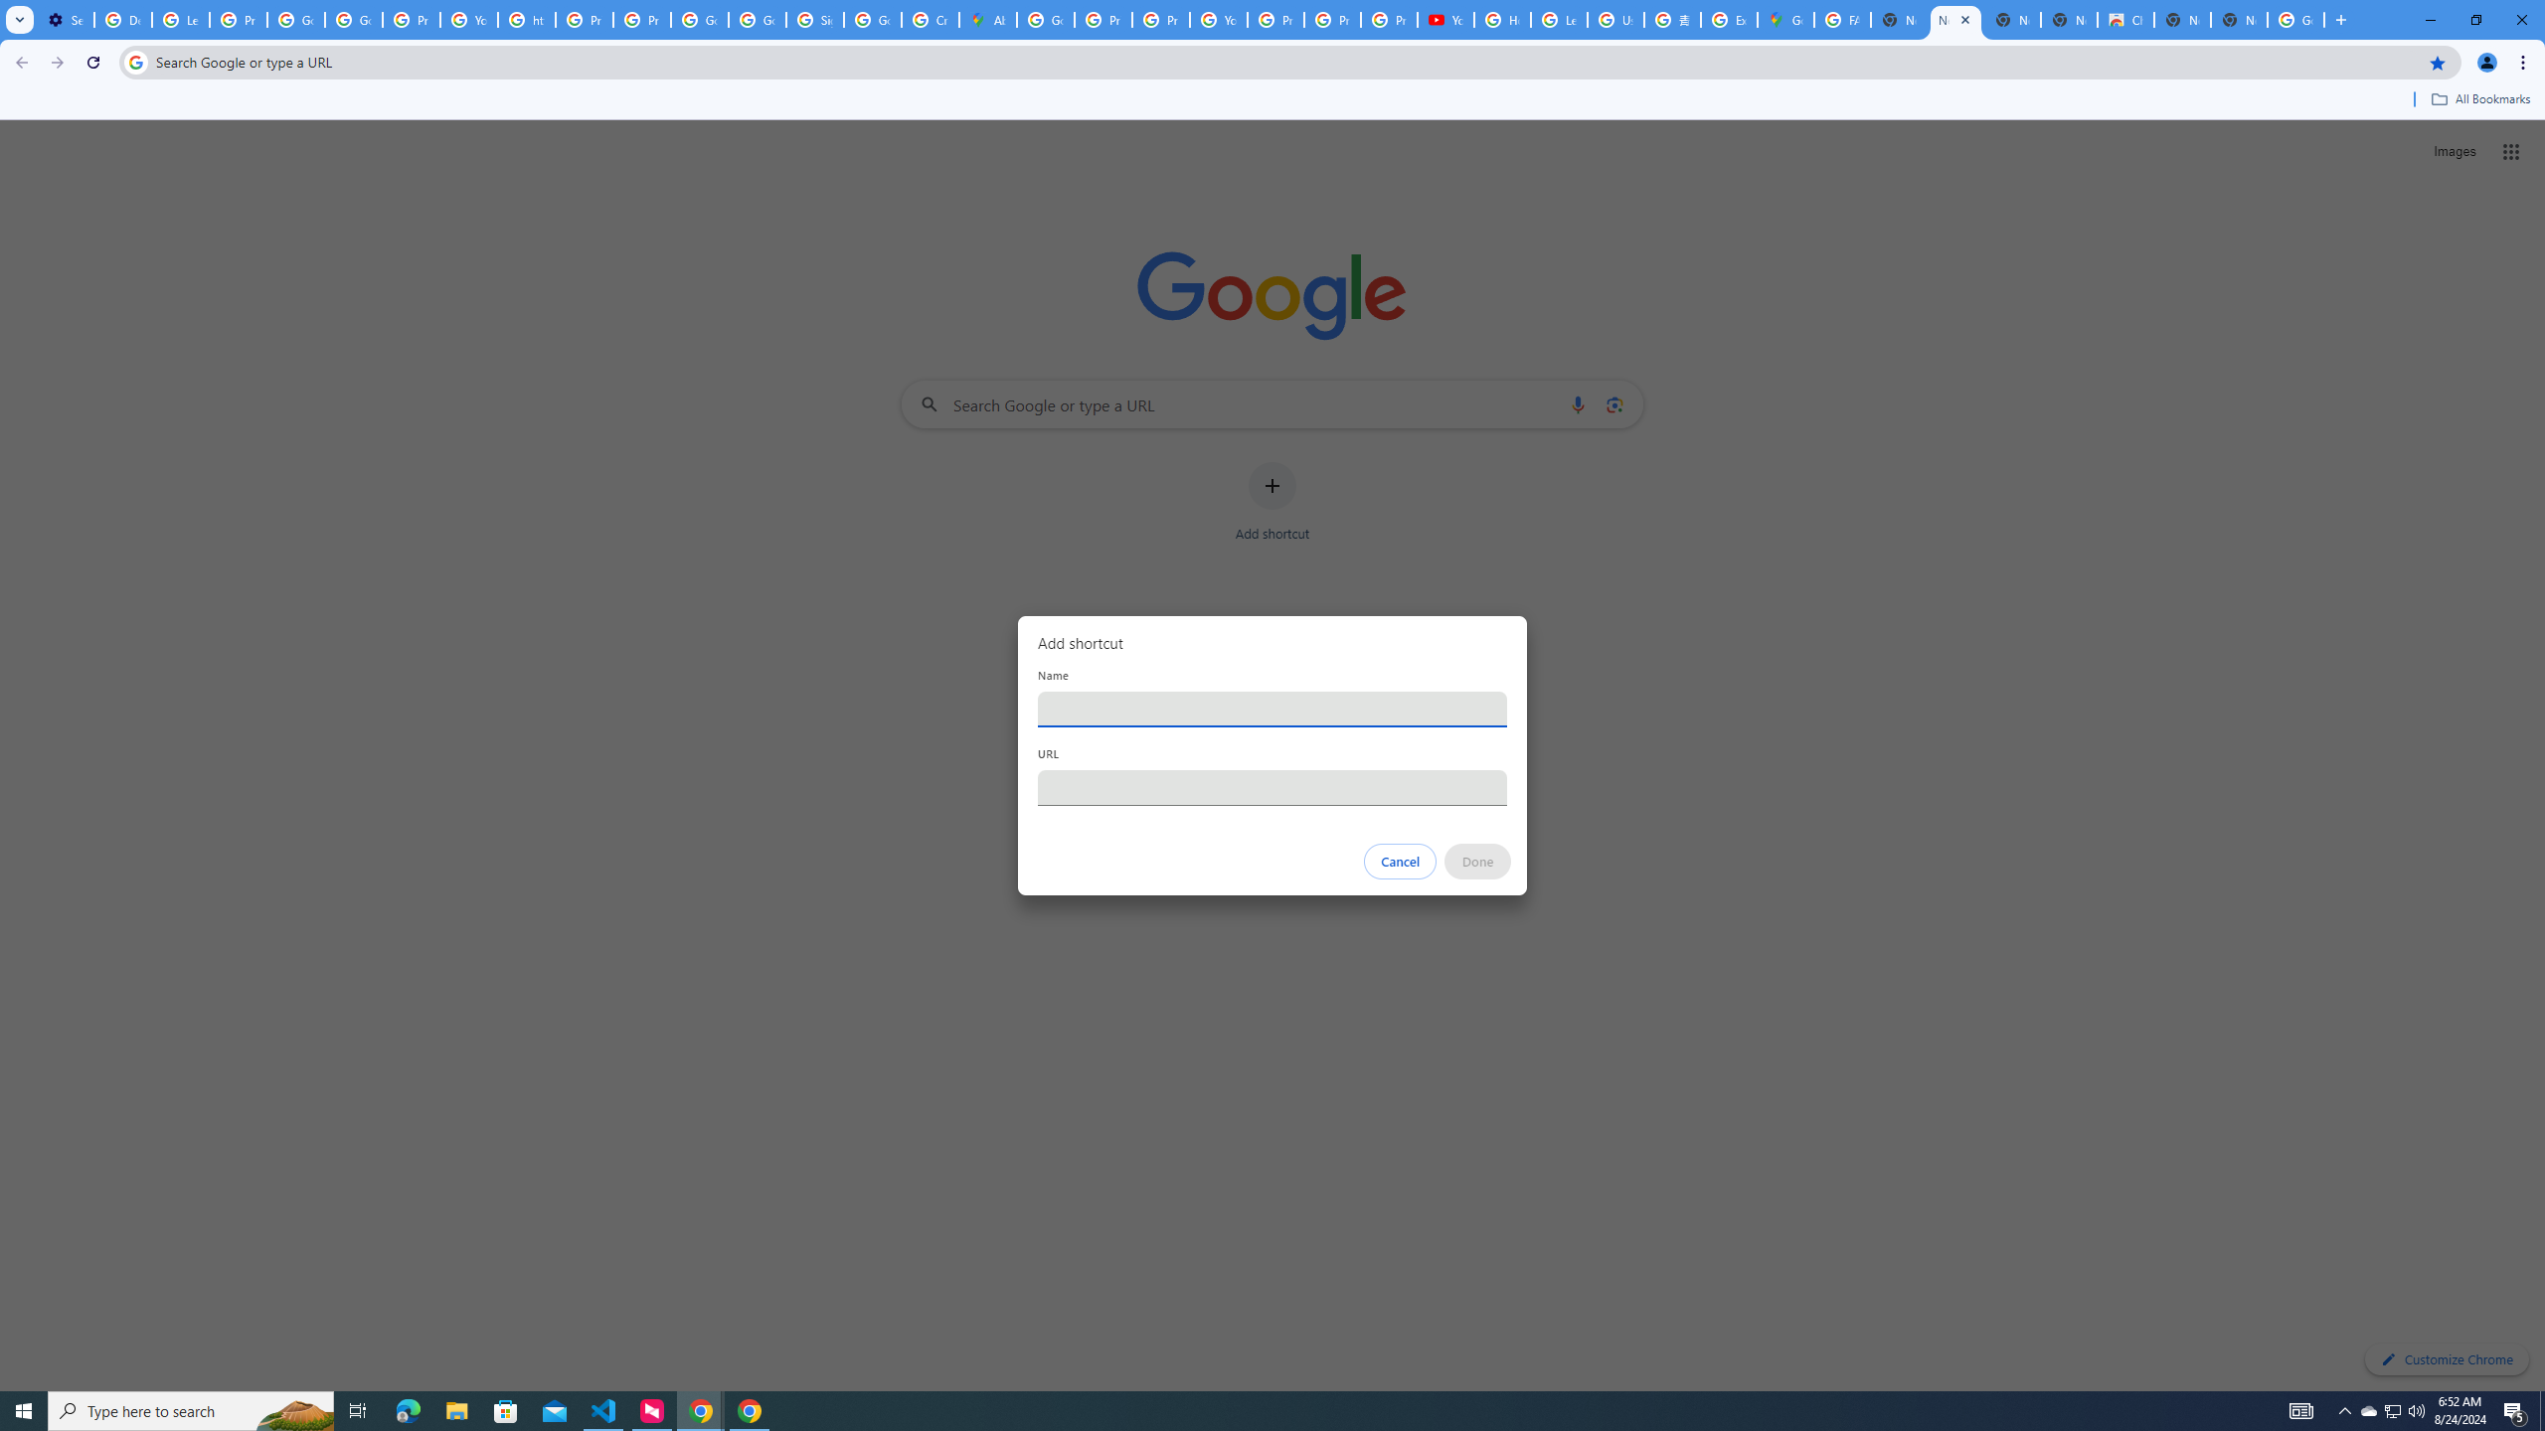 This screenshot has height=1431, width=2545. Describe the element at coordinates (1502, 19) in the screenshot. I see `'How Chrome protects your passwords - Google Chrome Help'` at that location.